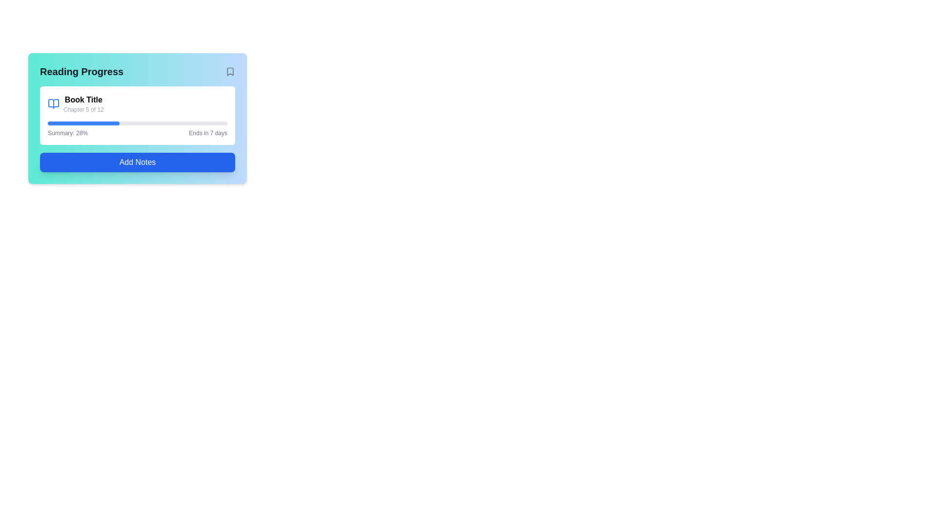 This screenshot has width=937, height=527. Describe the element at coordinates (137, 118) in the screenshot. I see `displayed book progress details from the informational card located in the upper-left quadrant, which includes the 'Reading Progress' title and a bookmark icon, along with the progress percentage and deadline` at that location.